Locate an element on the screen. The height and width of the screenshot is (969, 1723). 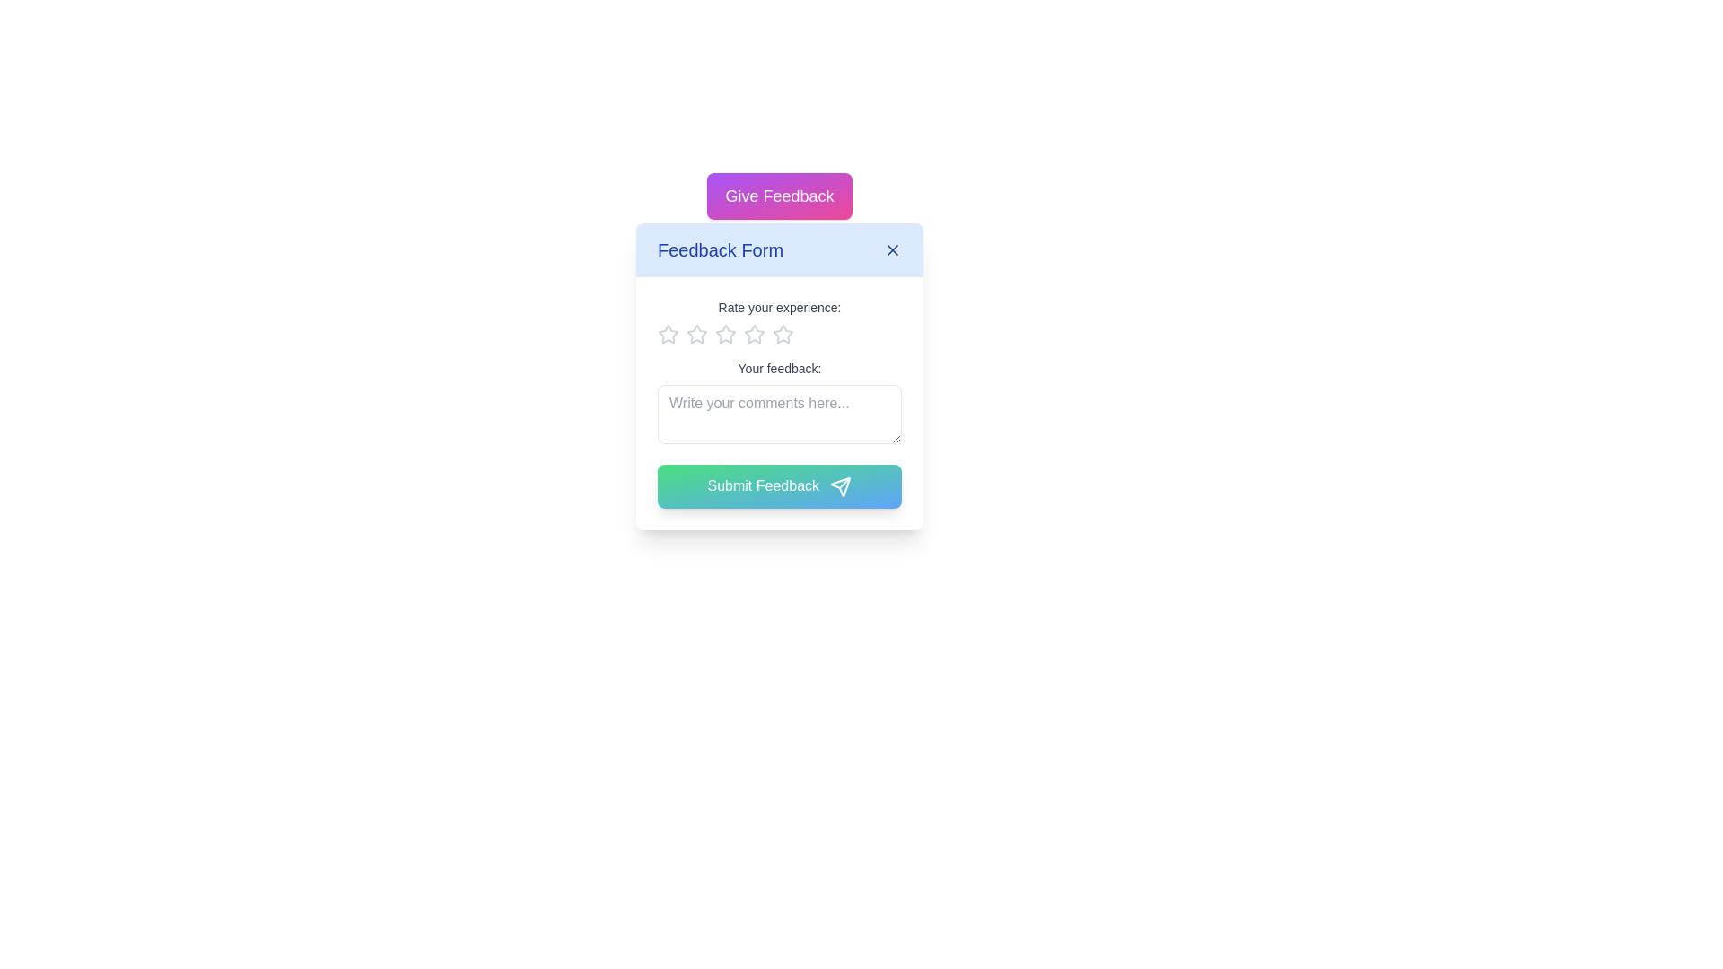
the first star-shaped icon in the five-star rating system to rate it is located at coordinates (667, 334).